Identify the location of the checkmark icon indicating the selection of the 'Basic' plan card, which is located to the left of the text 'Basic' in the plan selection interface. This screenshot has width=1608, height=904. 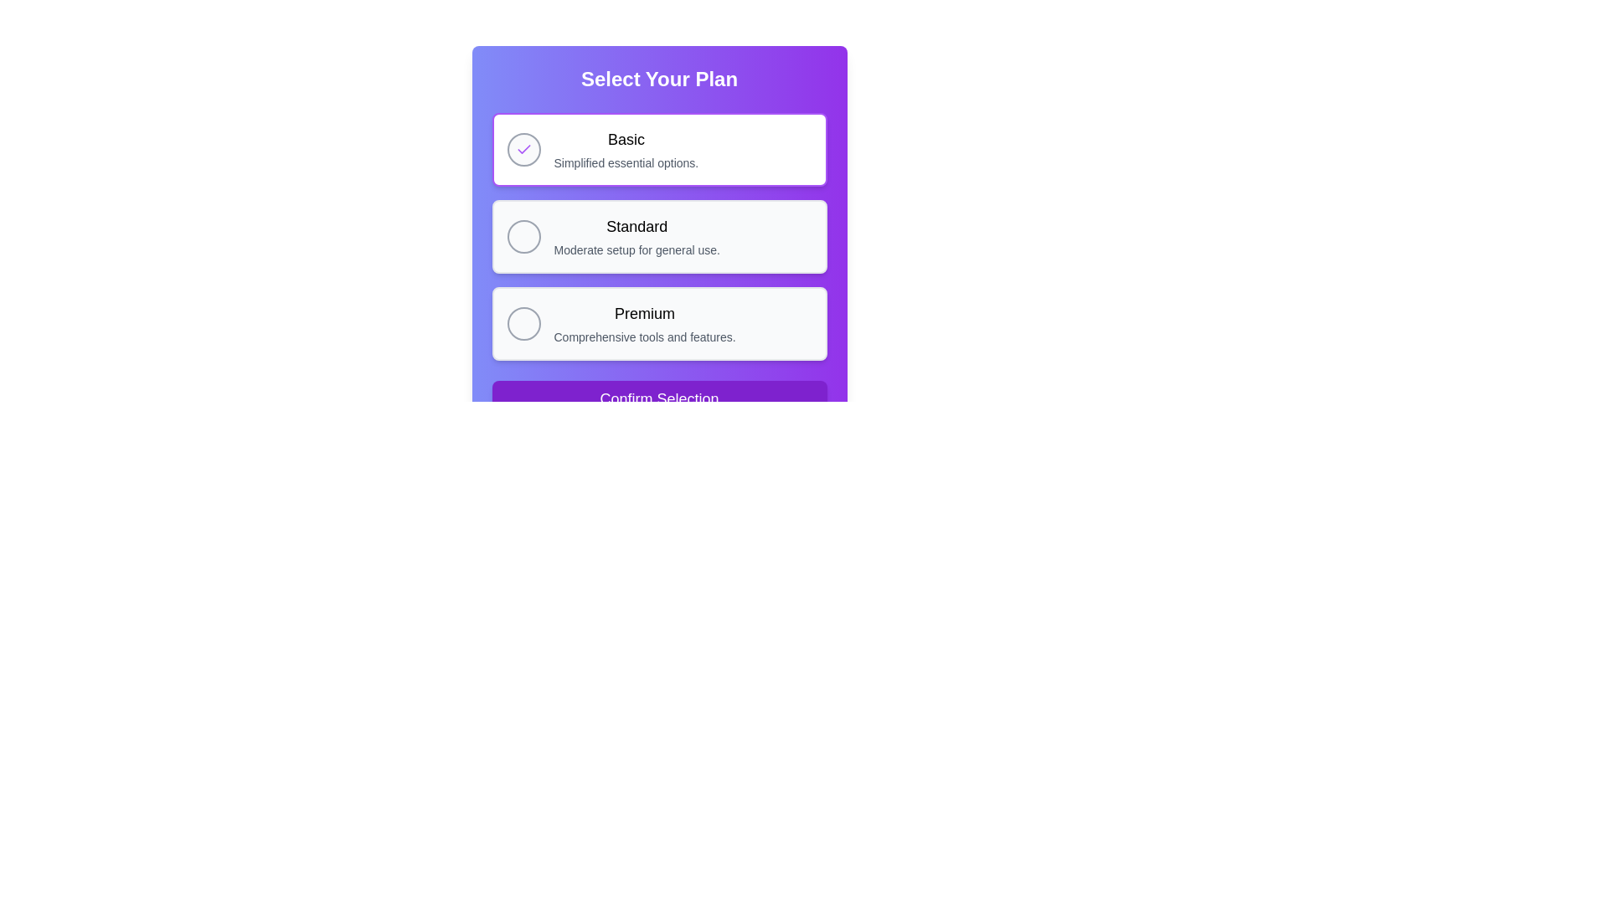
(523, 148).